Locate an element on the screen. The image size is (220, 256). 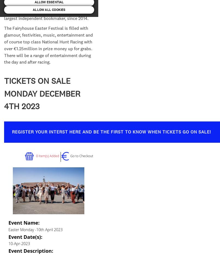
'Go to Checkout' is located at coordinates (82, 156).